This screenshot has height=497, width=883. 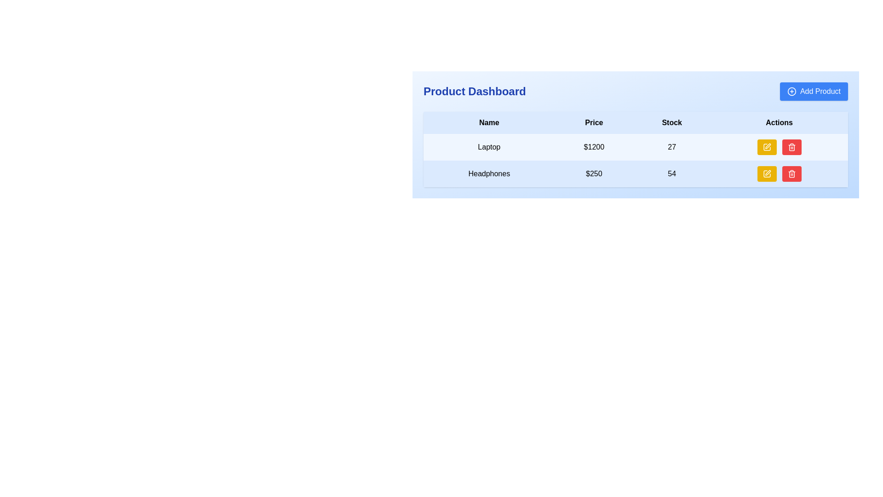 I want to click on the text label 'Headphones' located in the first cell of the second row under the 'Name' column in the 'Product Dashboard' section, so click(x=488, y=174).